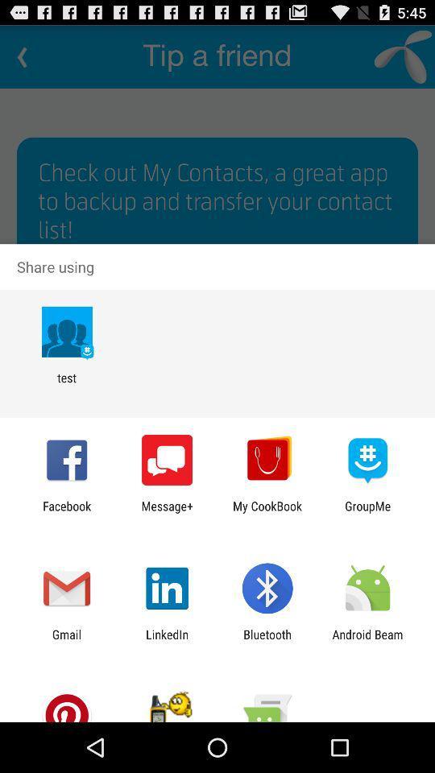 This screenshot has height=773, width=435. What do you see at coordinates (267, 641) in the screenshot?
I see `icon to the right of the linkedin app` at bounding box center [267, 641].